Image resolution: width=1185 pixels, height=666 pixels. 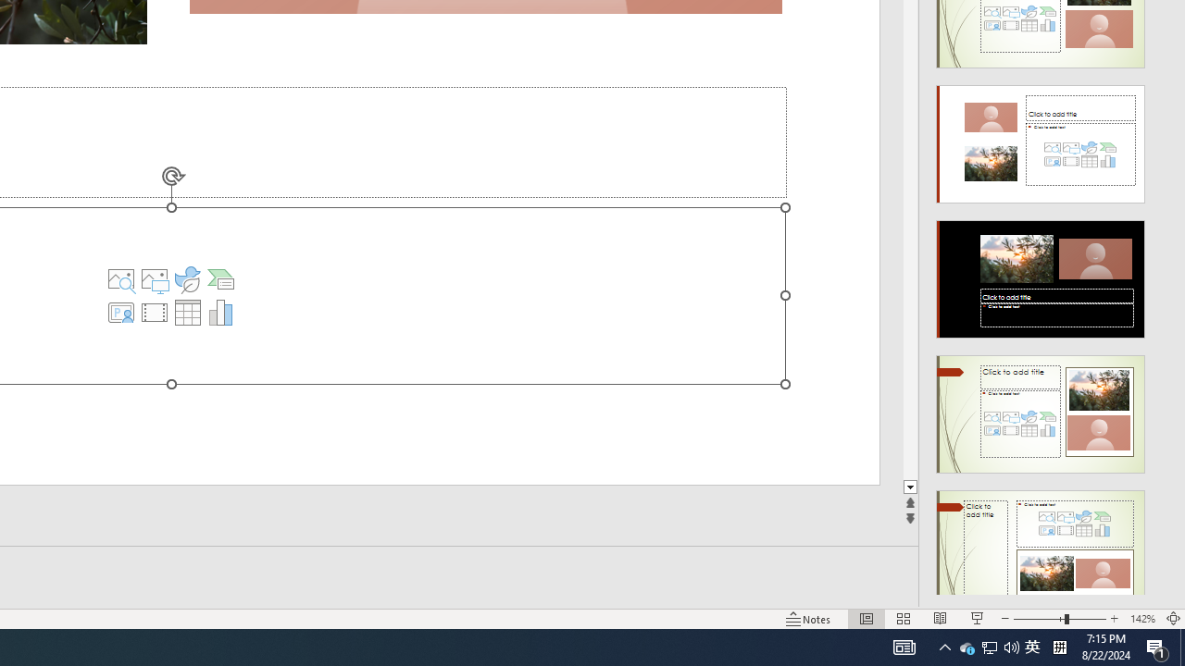 What do you see at coordinates (220, 312) in the screenshot?
I see `'Insert Chart'` at bounding box center [220, 312].